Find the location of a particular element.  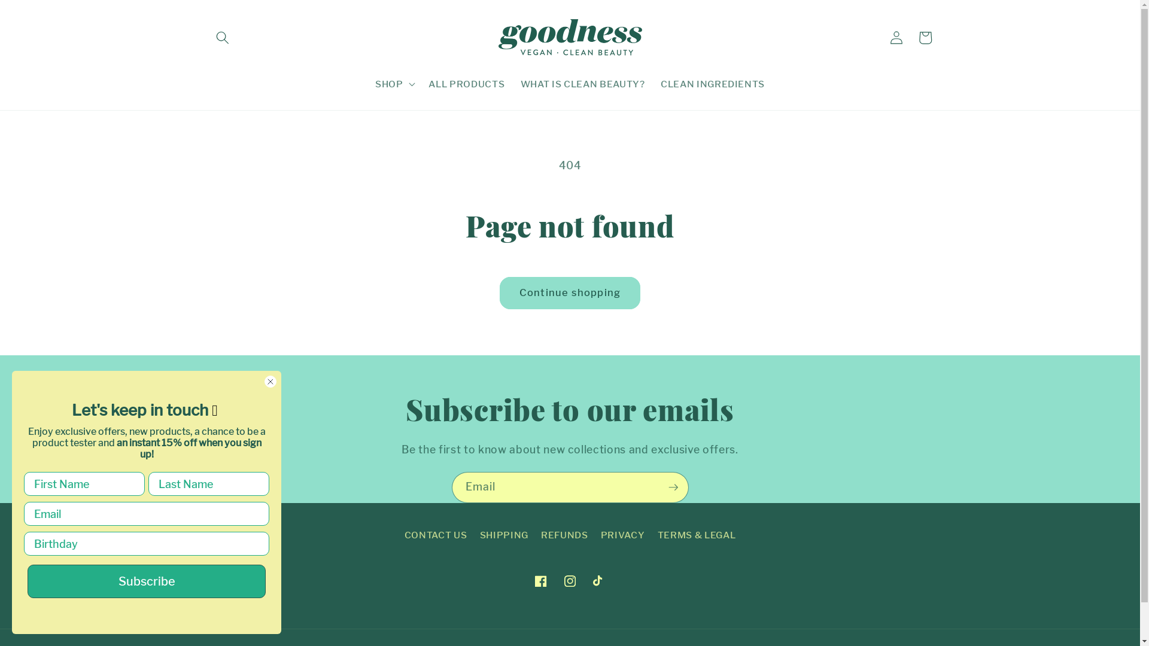

'Facebook' is located at coordinates (540, 580).